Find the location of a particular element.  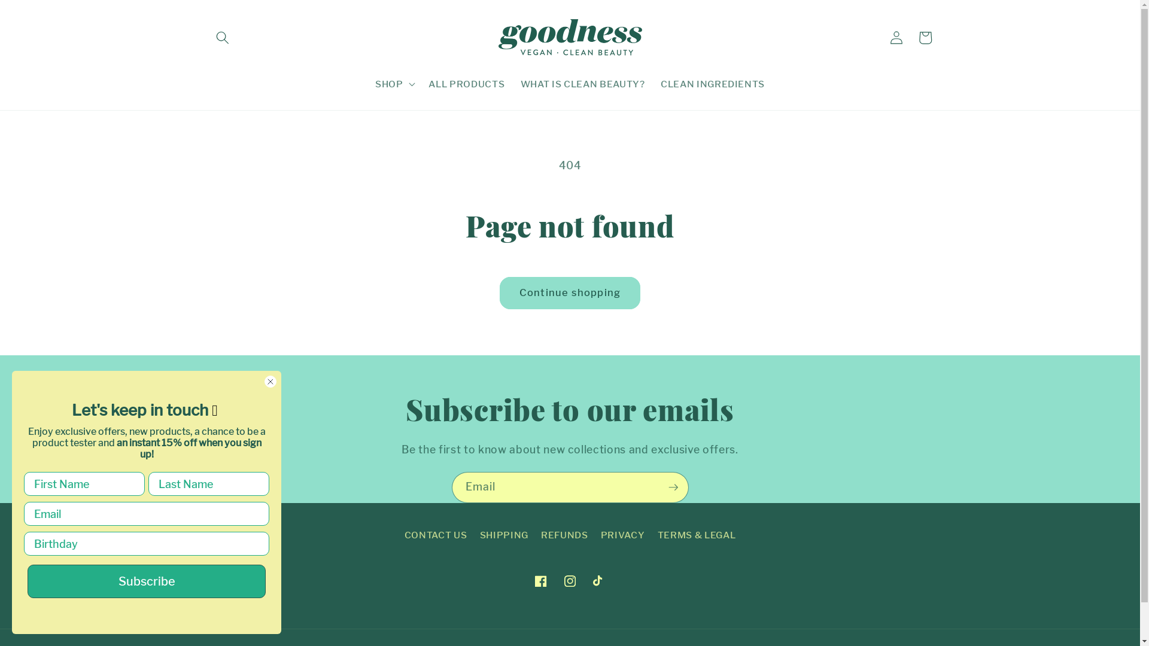

'Facebook' is located at coordinates (540, 580).